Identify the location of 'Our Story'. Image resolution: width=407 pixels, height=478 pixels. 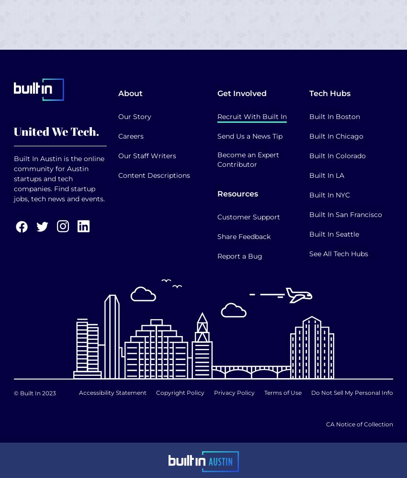
(134, 116).